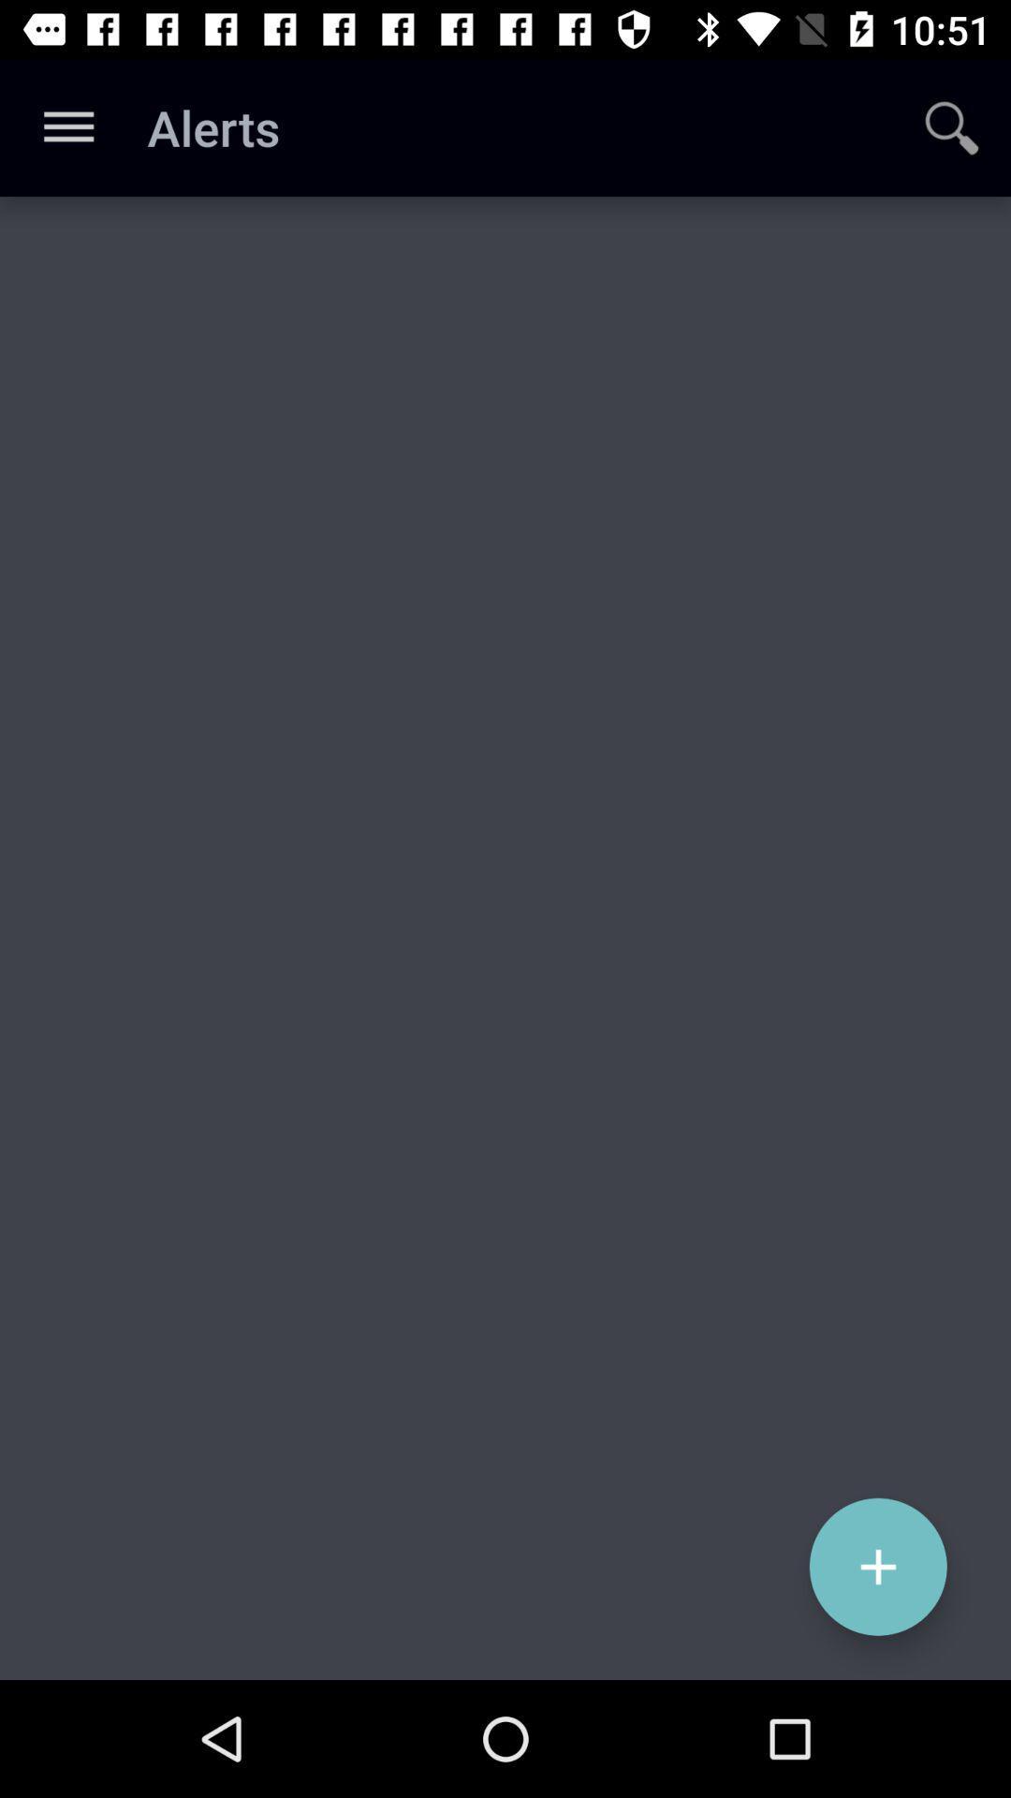  Describe the element at coordinates (878, 1567) in the screenshot. I see `the add icon` at that location.